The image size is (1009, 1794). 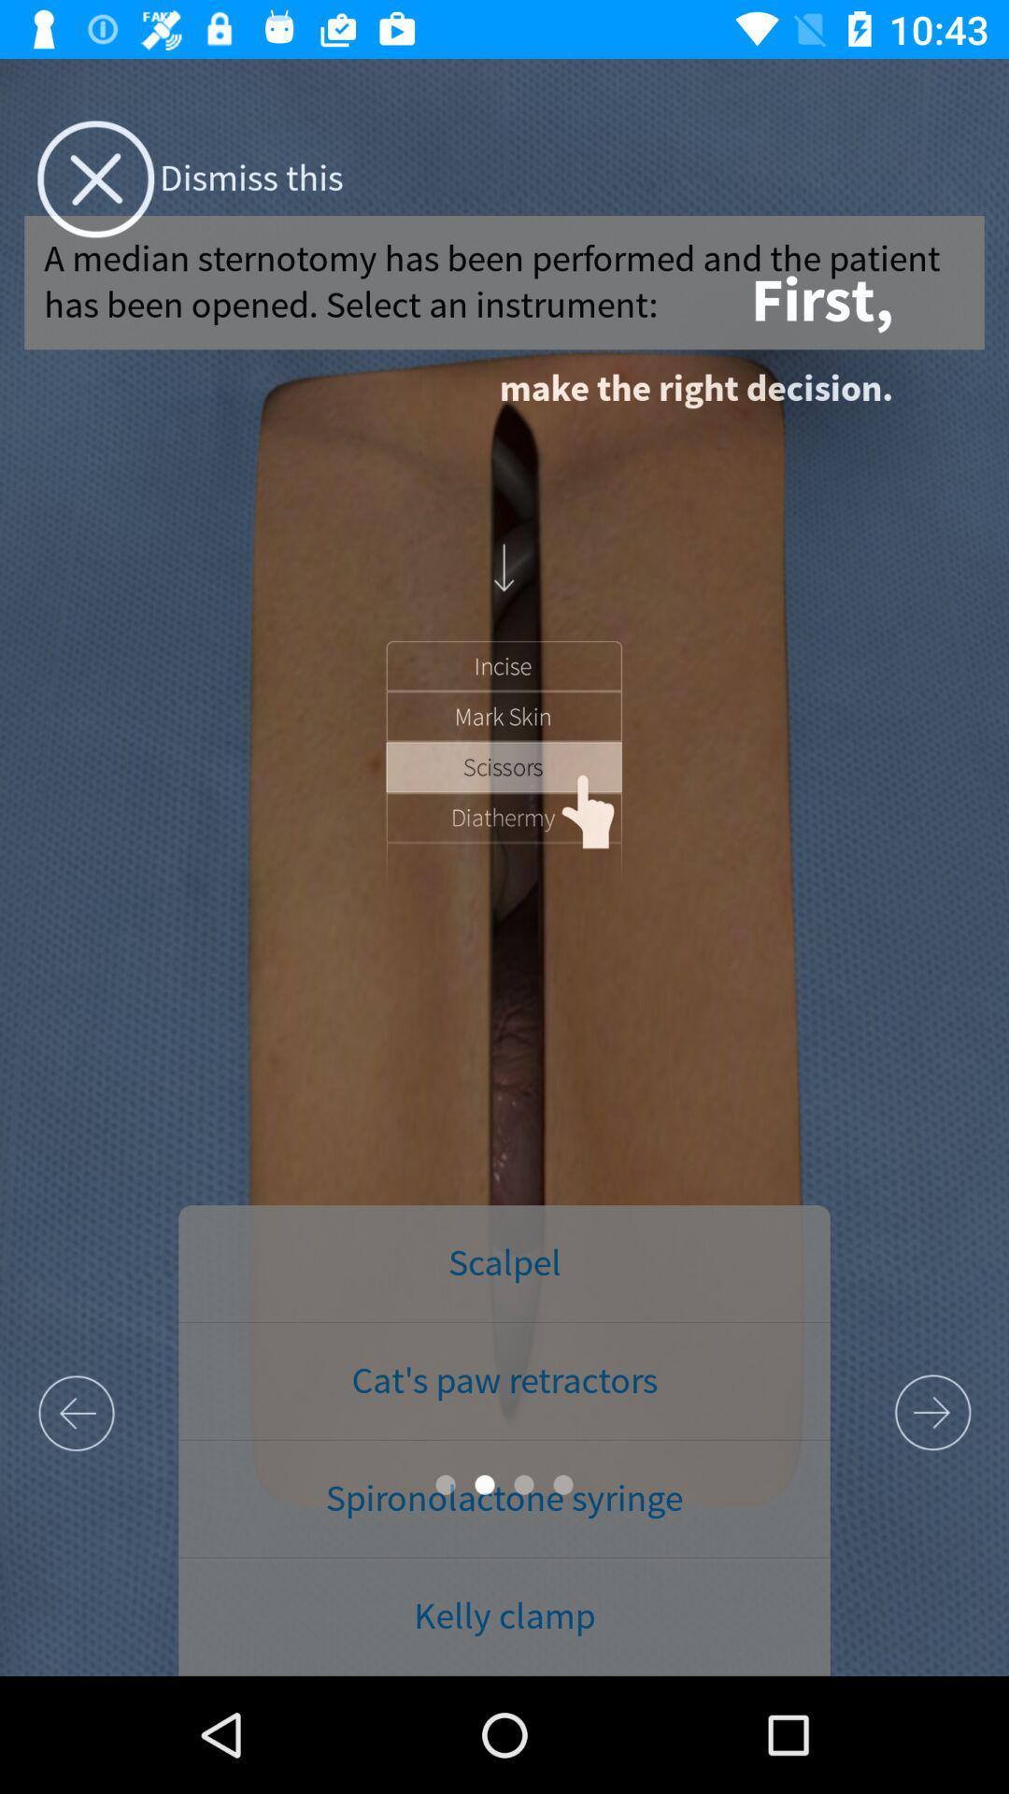 I want to click on the arrow_forward icon, so click(x=932, y=1413).